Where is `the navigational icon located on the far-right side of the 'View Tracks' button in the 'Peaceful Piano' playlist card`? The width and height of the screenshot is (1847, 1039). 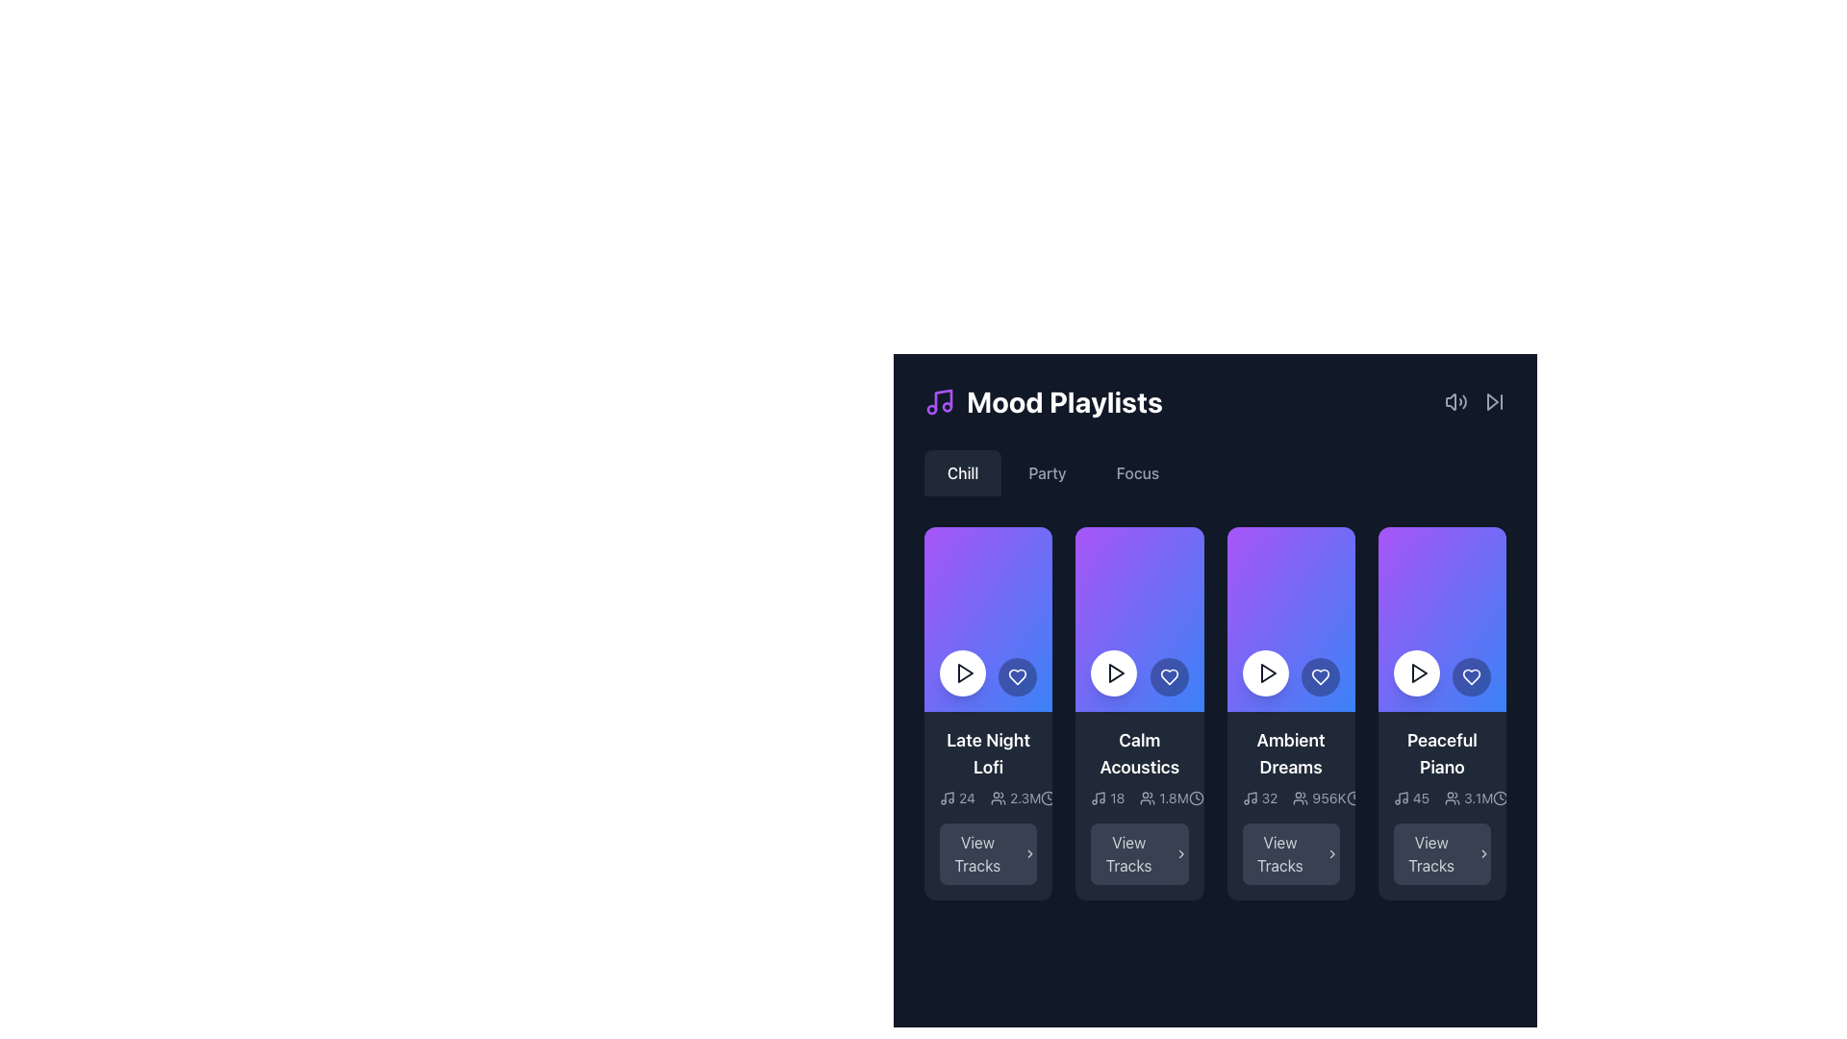
the navigational icon located on the far-right side of the 'View Tracks' button in the 'Peaceful Piano' playlist card is located at coordinates (1028, 852).